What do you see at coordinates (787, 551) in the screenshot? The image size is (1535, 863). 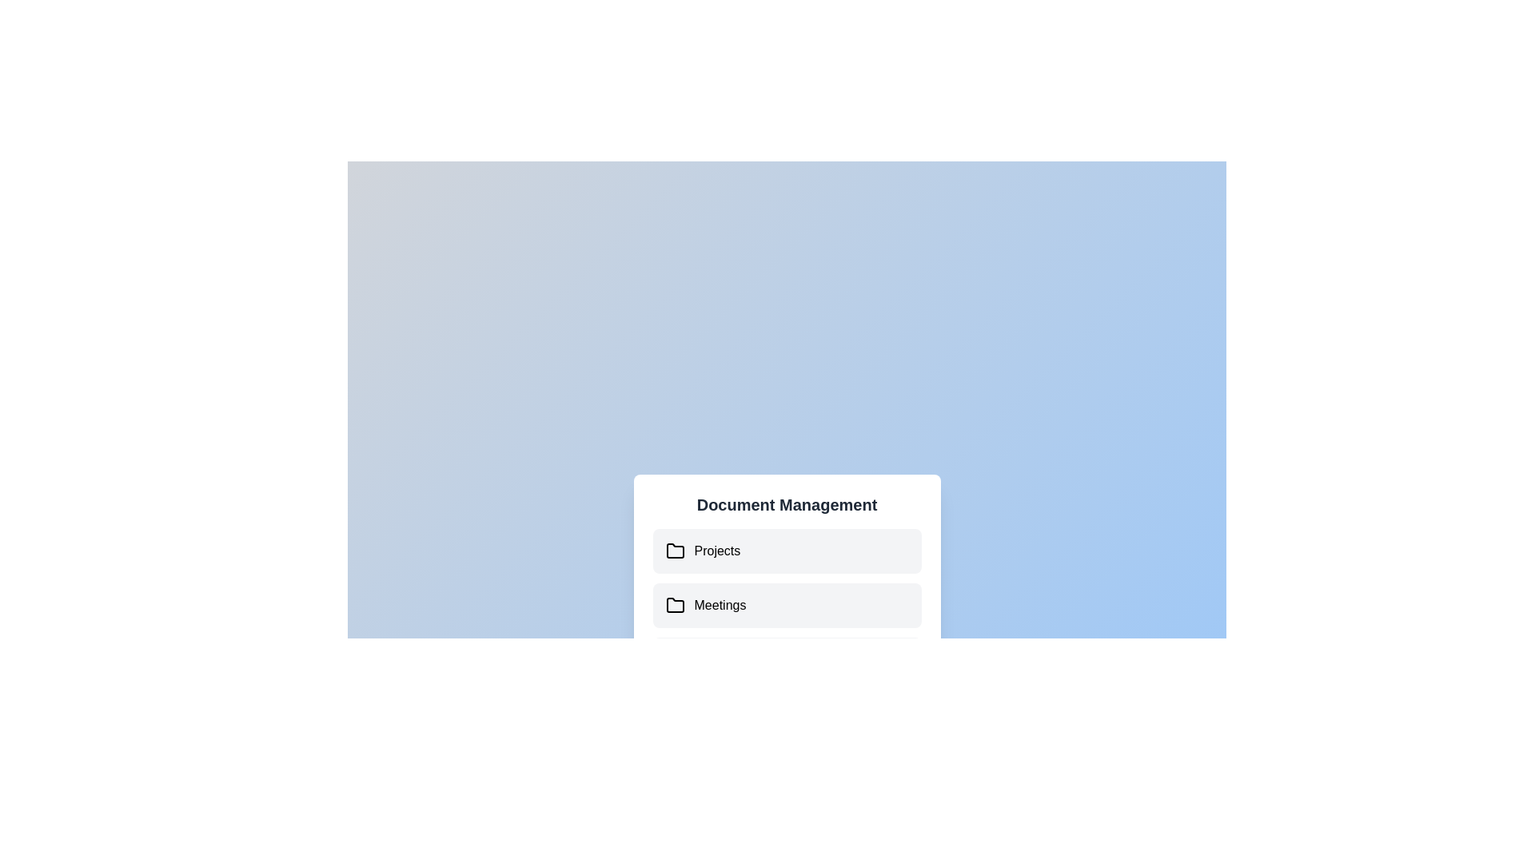 I see `the folder Projects to toggle its expanded or collapsed state` at bounding box center [787, 551].